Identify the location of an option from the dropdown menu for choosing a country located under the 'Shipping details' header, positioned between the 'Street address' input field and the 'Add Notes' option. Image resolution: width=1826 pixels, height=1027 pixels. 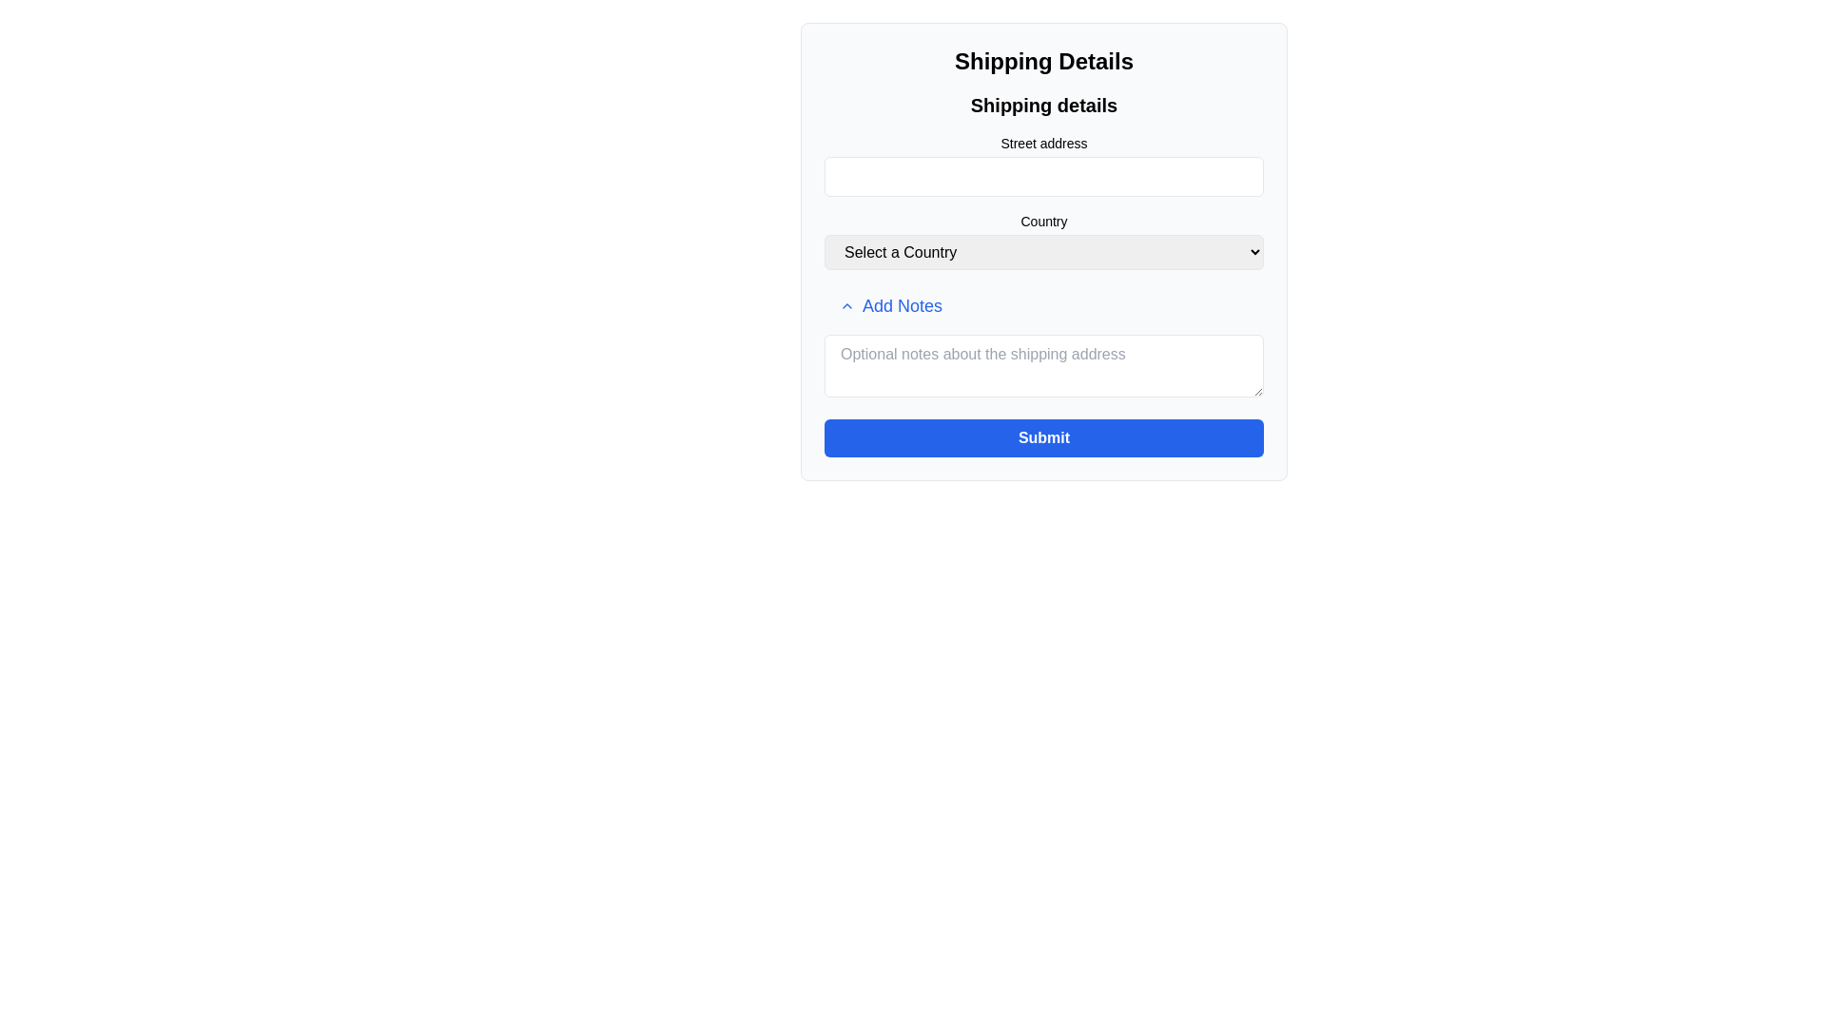
(1043, 240).